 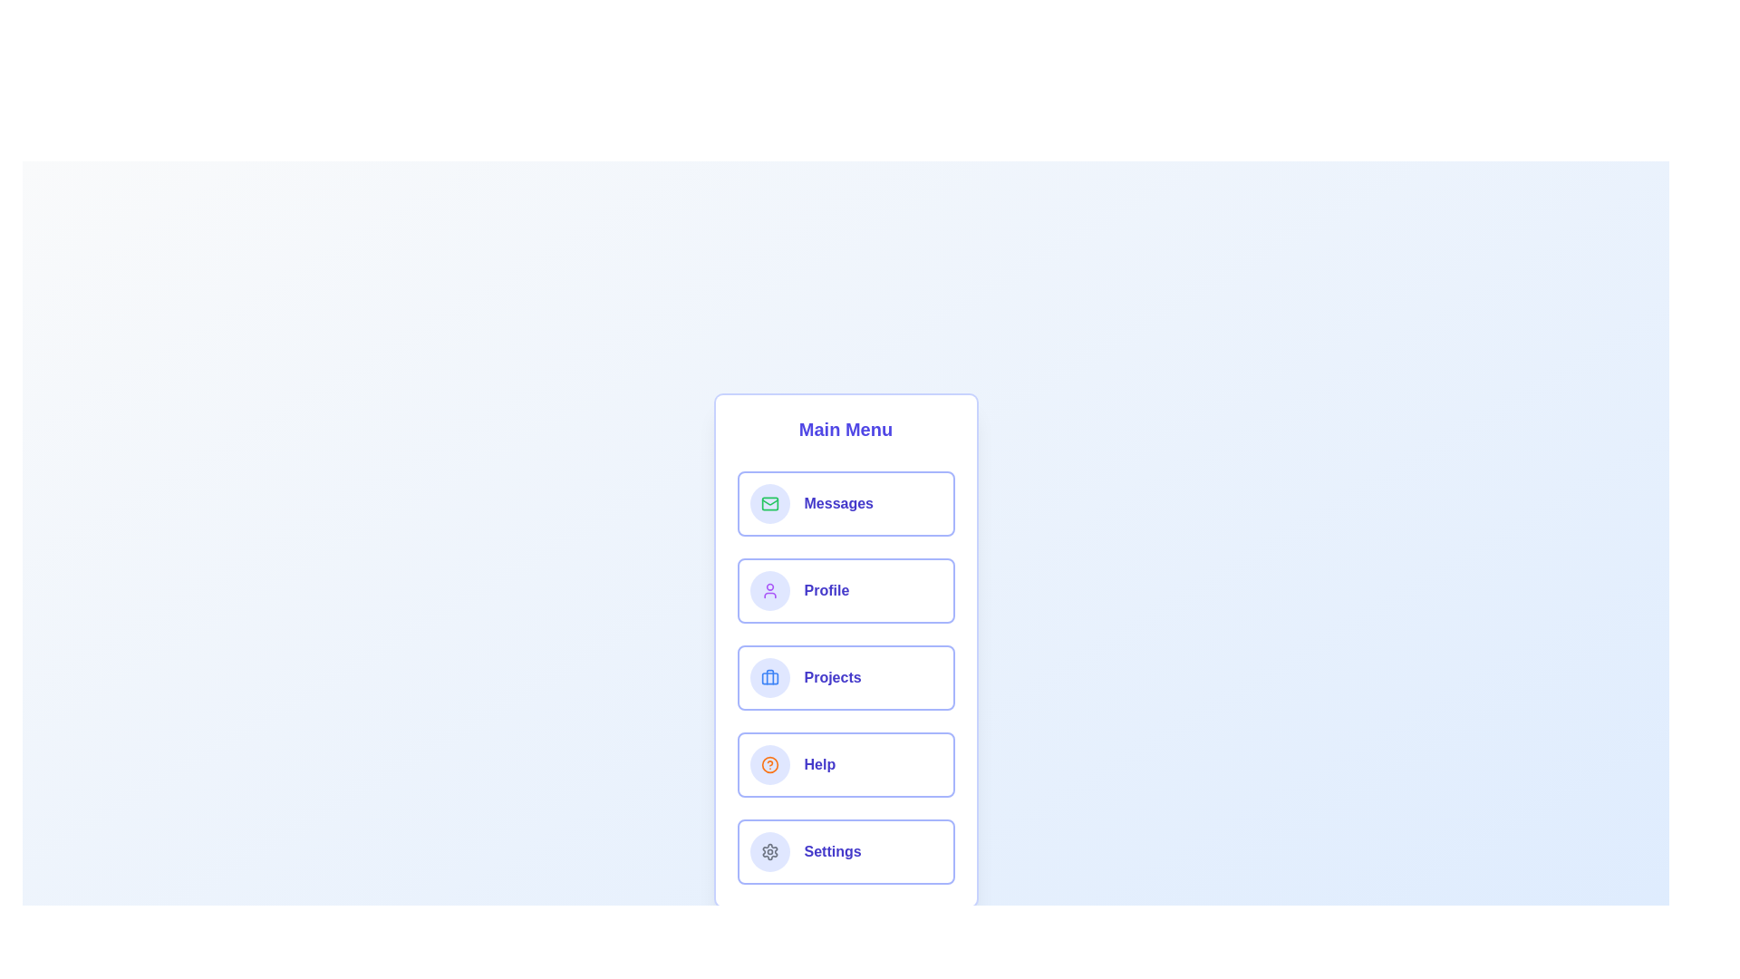 I want to click on the menu item labeled Messages, so click(x=845, y=503).